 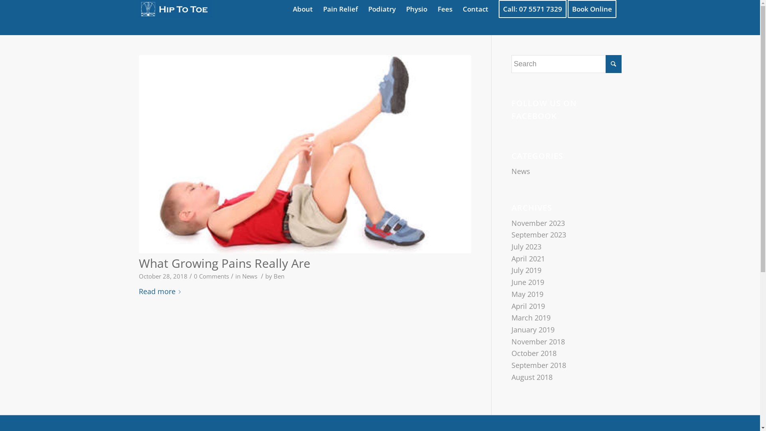 What do you see at coordinates (249, 275) in the screenshot?
I see `'News'` at bounding box center [249, 275].